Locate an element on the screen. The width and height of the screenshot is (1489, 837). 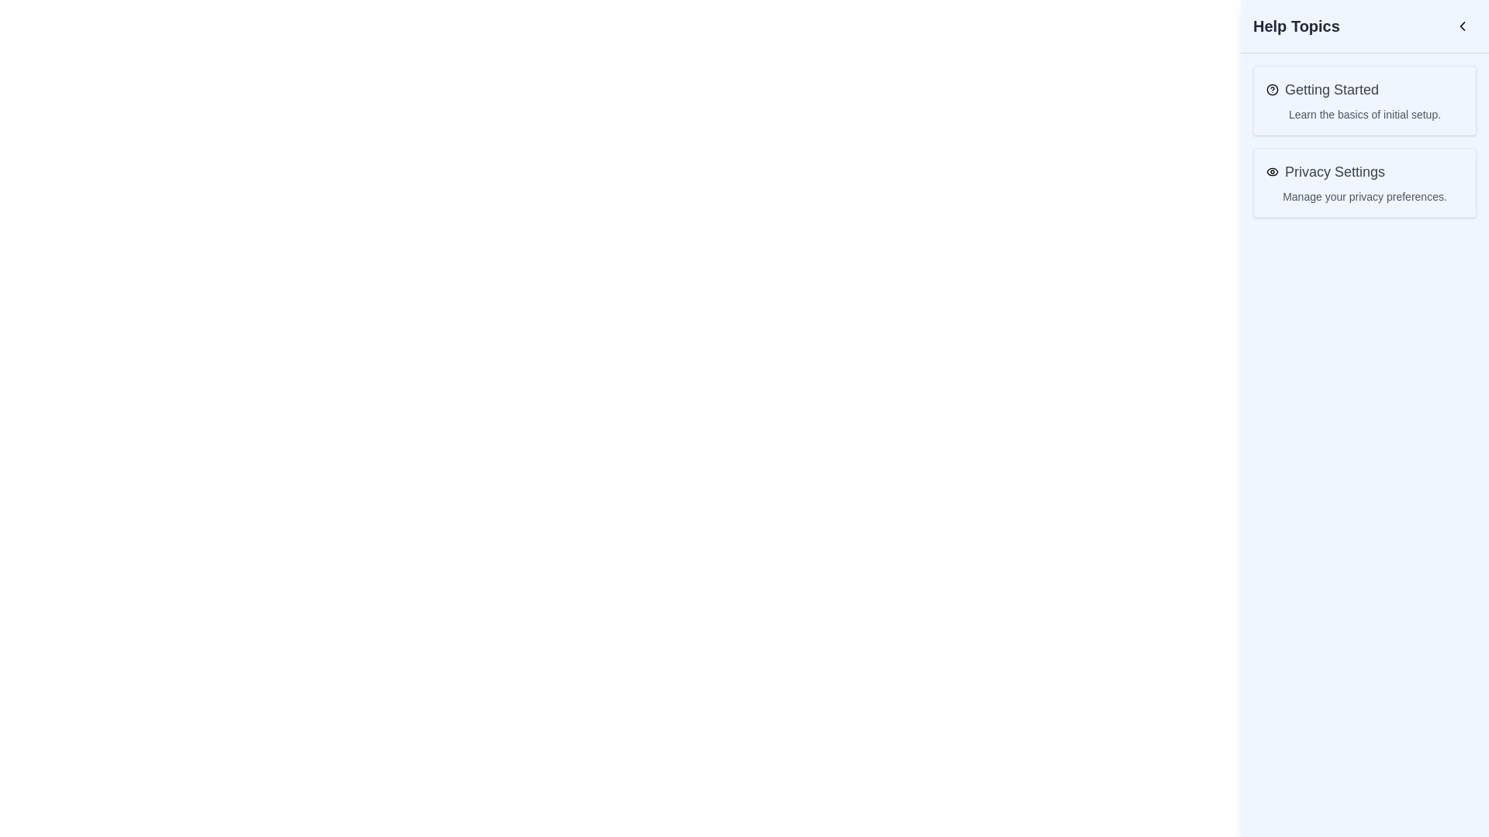
the Informative block located under the 'Help Topics' section is located at coordinates (1365, 101).